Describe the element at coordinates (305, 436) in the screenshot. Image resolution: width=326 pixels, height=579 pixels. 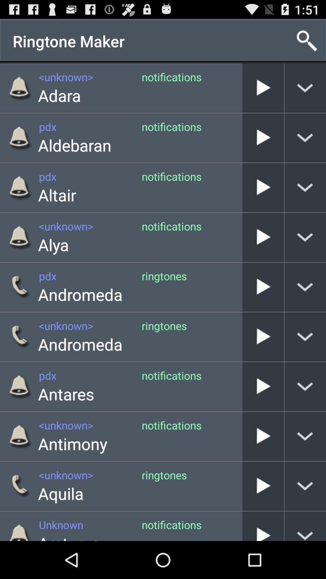
I see `expand item` at that location.